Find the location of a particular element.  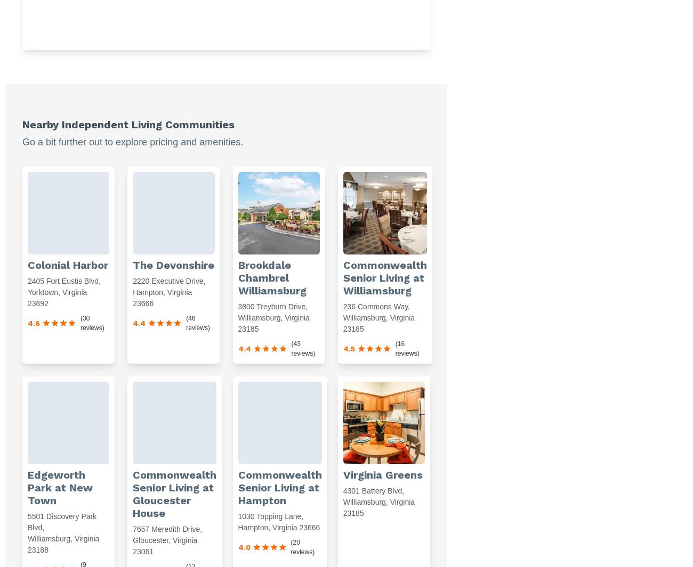

'3800 Treyburn Drive,' is located at coordinates (272, 306).